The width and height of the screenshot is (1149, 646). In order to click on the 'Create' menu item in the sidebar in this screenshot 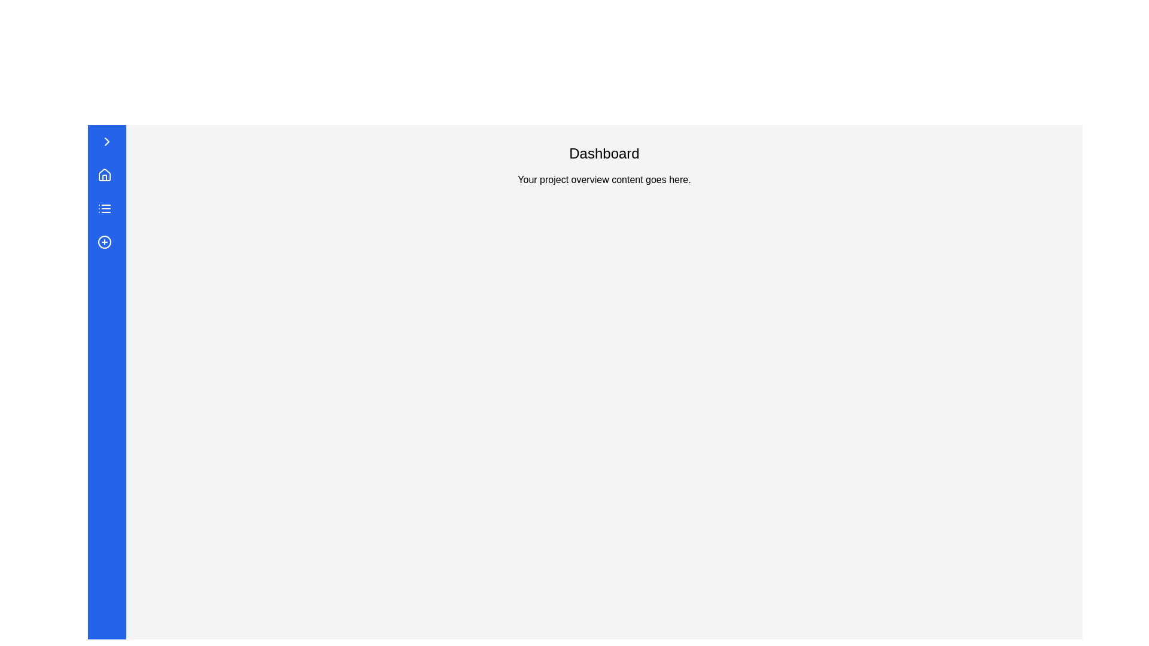, I will do `click(107, 242)`.